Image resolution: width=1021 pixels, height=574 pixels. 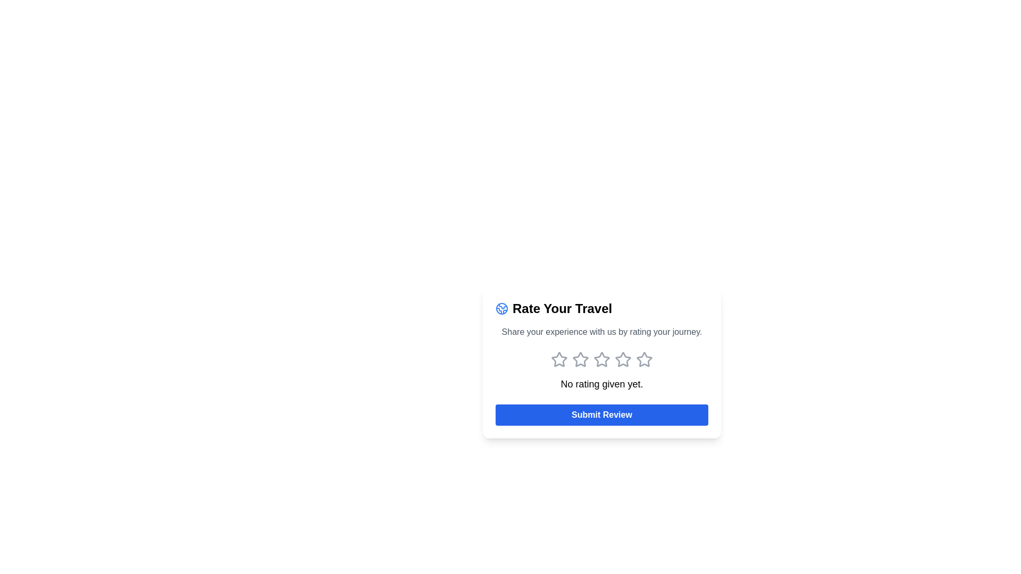 I want to click on the fifth gray star icon in the rating section to rate 5 stars, so click(x=643, y=359).